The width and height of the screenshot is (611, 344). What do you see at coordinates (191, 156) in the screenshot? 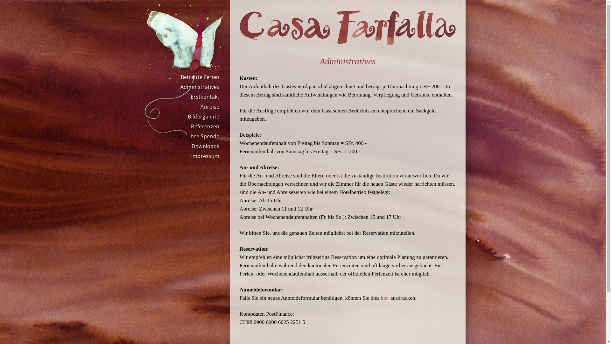
I see `'Impressum'` at bounding box center [191, 156].